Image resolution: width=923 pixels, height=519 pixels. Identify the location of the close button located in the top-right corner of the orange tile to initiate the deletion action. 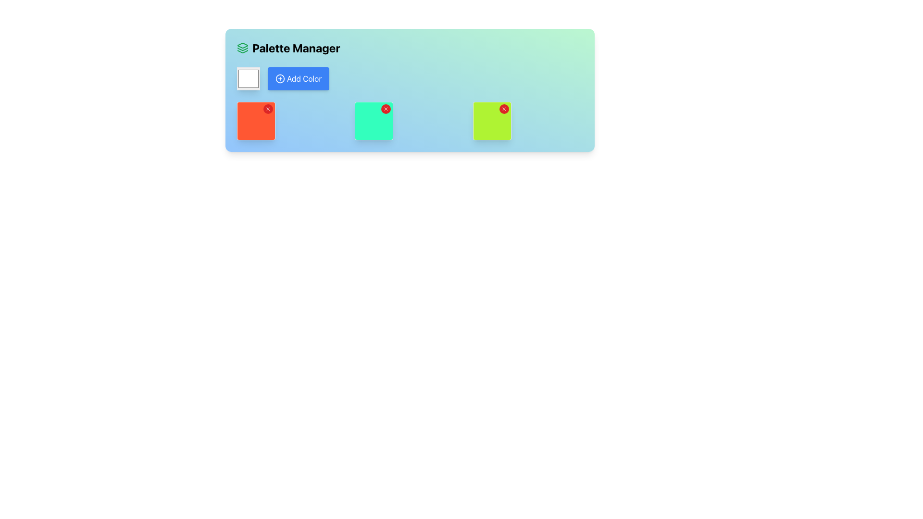
(268, 109).